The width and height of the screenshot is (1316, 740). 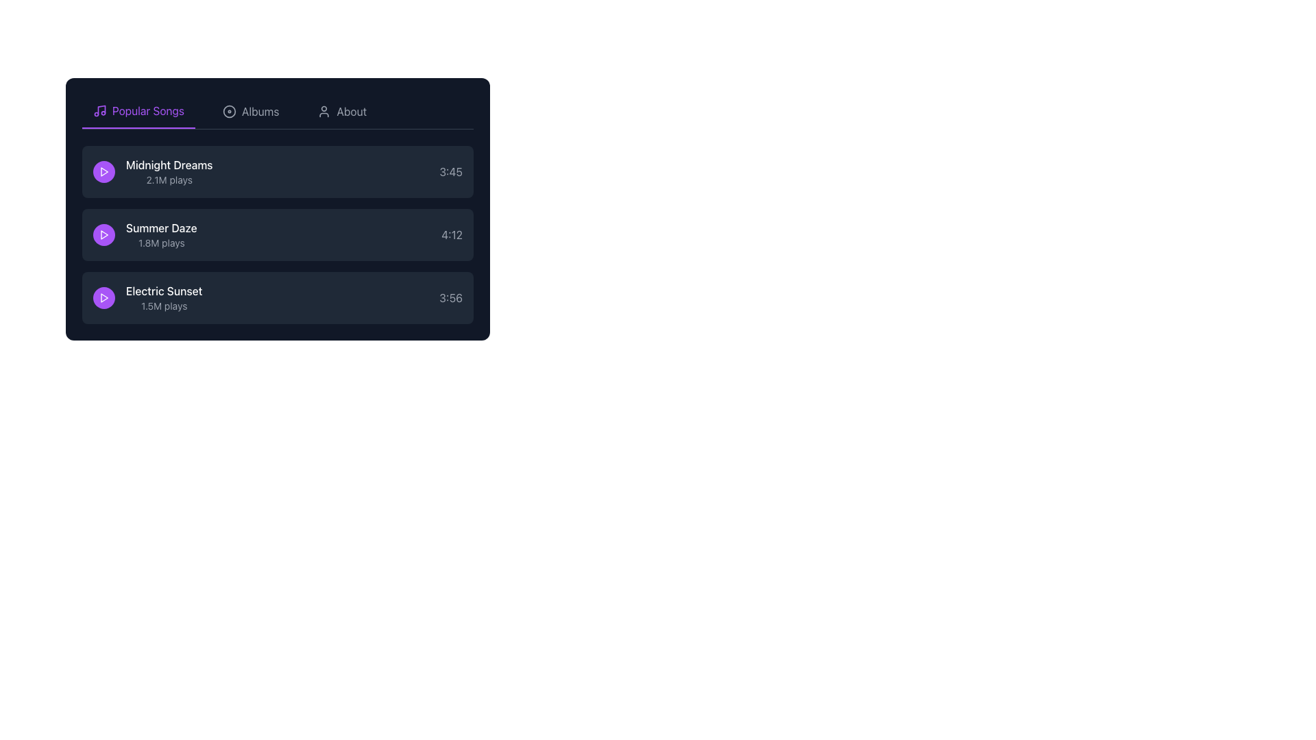 I want to click on the text display element titled 'Electric Sunset' with the subtitle '1.5M plays', so click(x=147, y=297).